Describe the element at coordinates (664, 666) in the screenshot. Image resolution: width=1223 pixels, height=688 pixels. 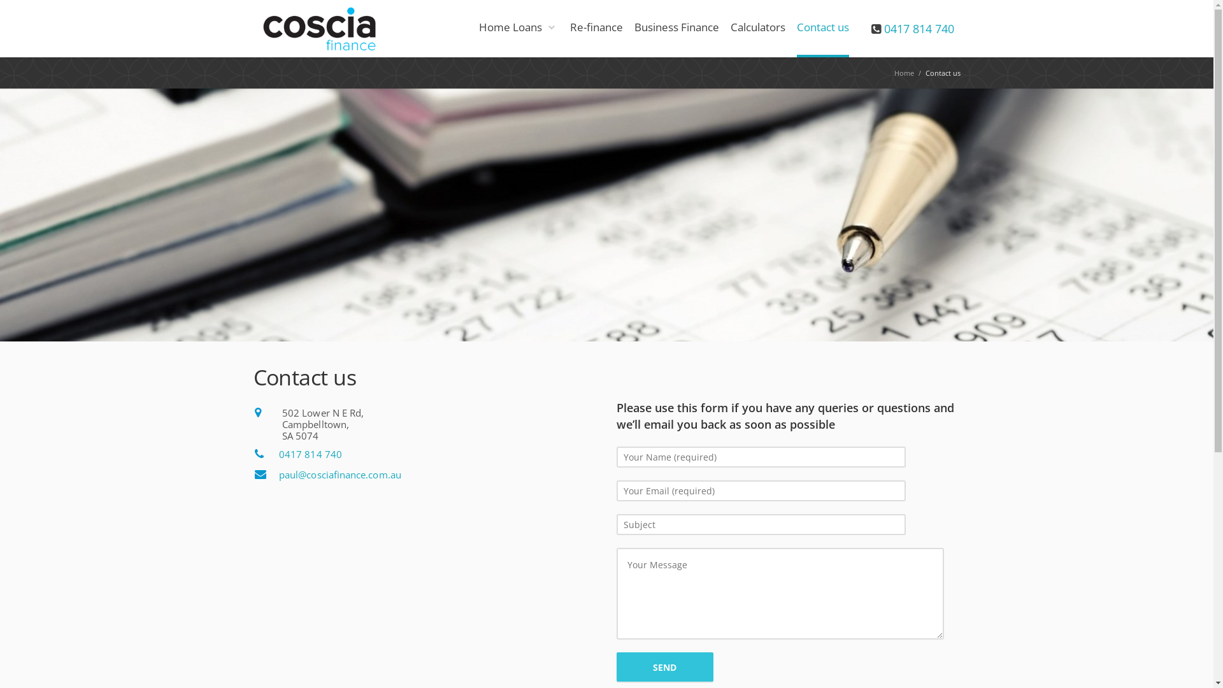
I see `'Send'` at that location.